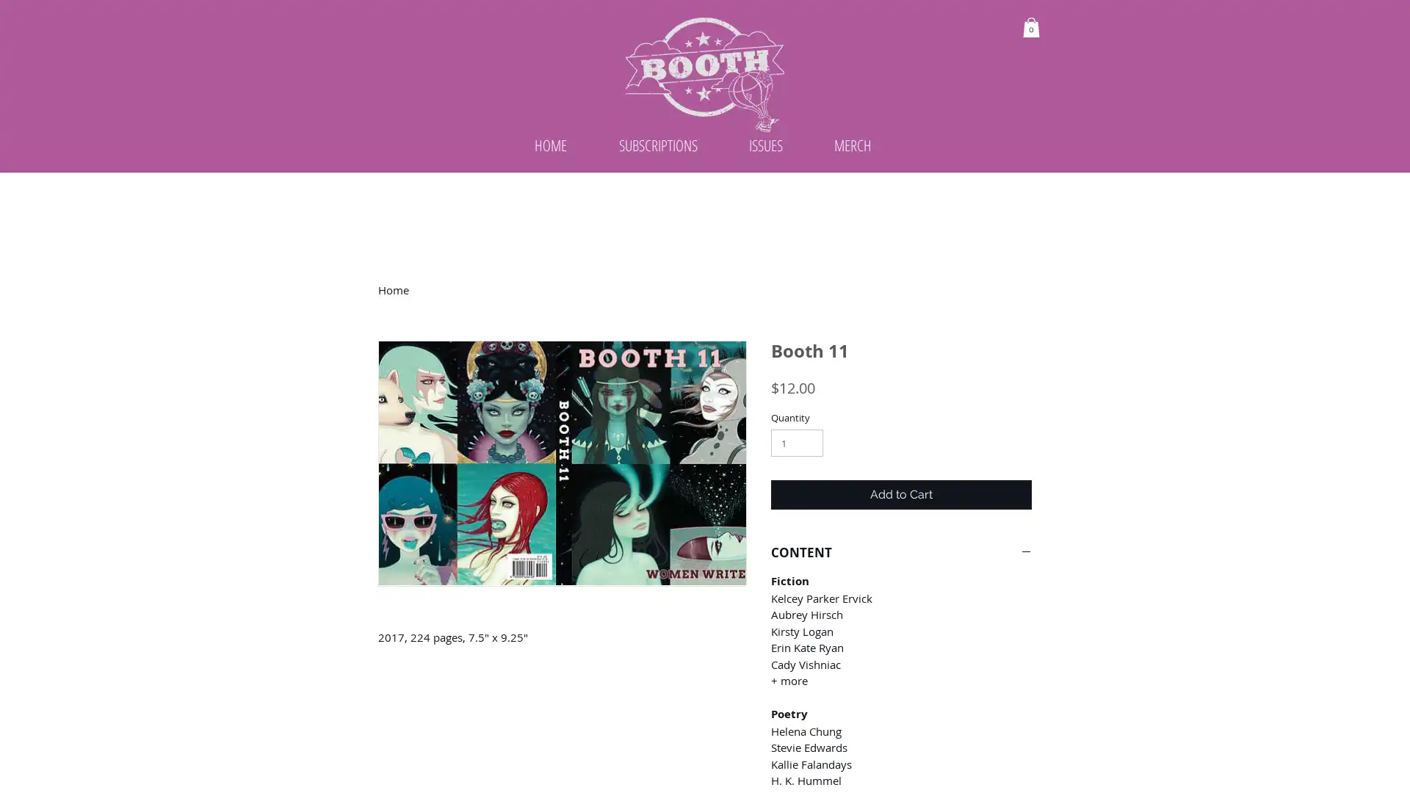 This screenshot has width=1410, height=793. Describe the element at coordinates (900, 495) in the screenshot. I see `Add to Cart` at that location.